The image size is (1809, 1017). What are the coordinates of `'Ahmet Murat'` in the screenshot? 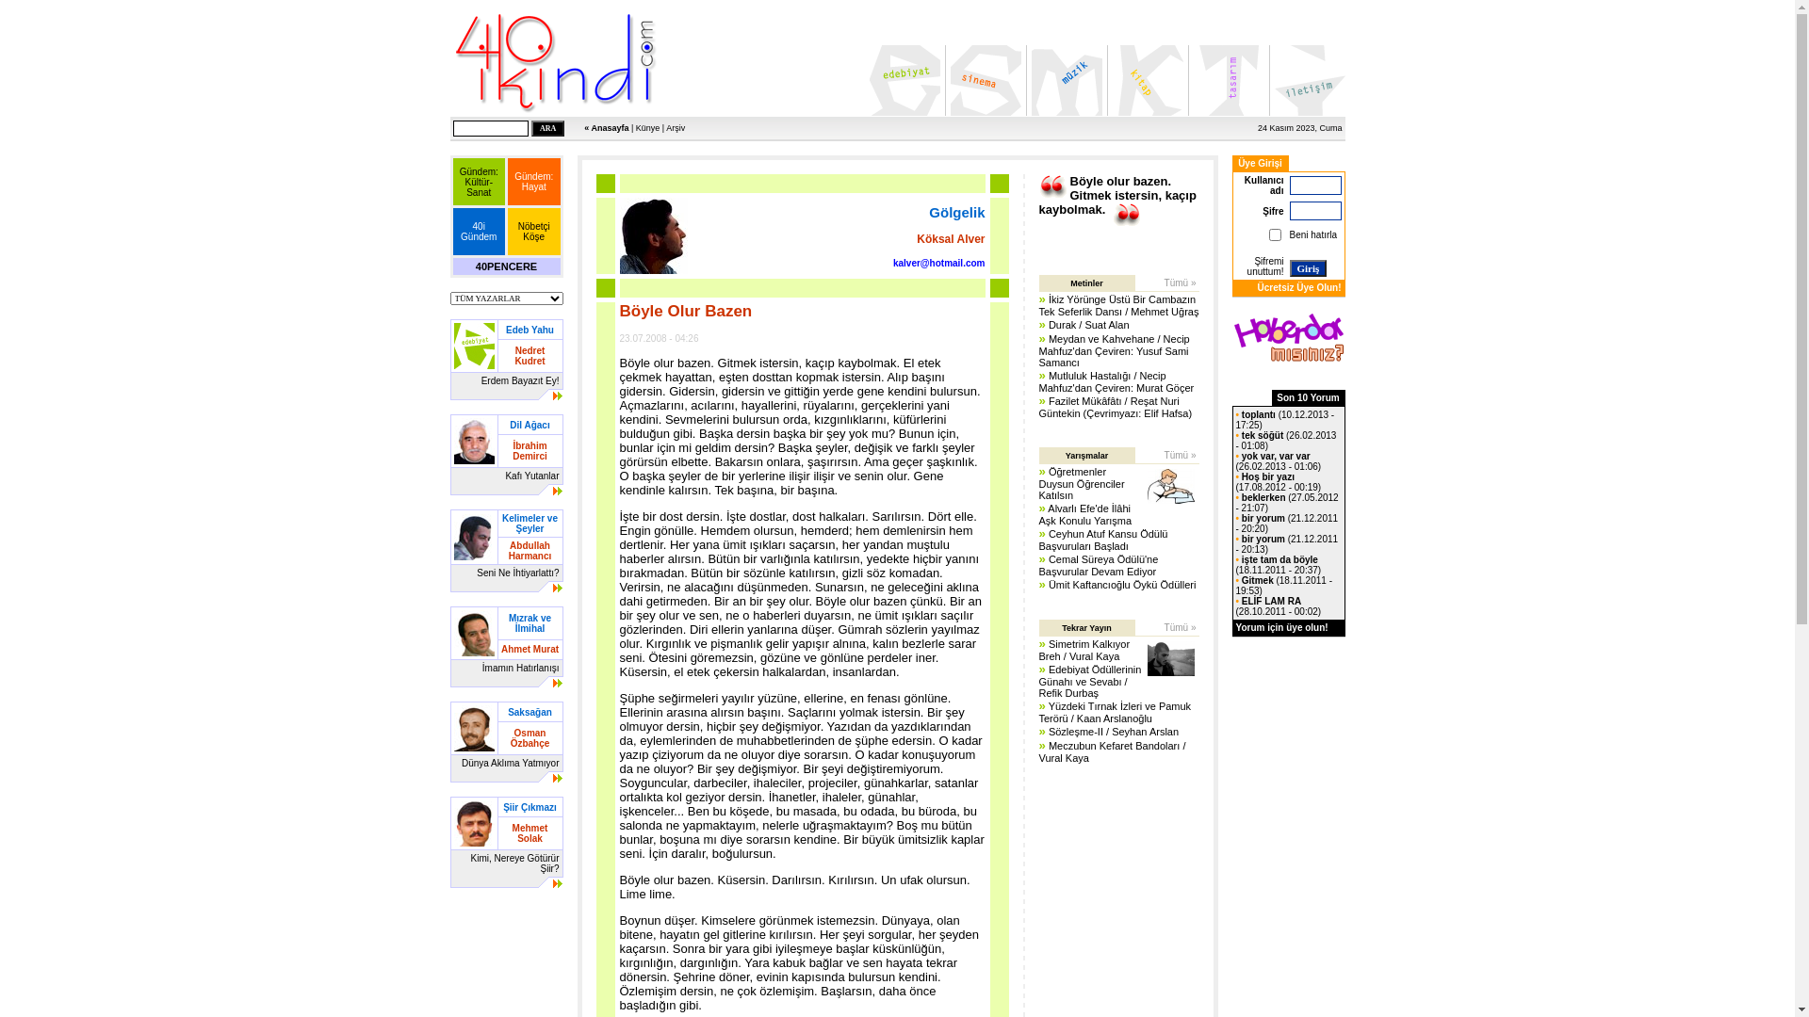 It's located at (529, 647).